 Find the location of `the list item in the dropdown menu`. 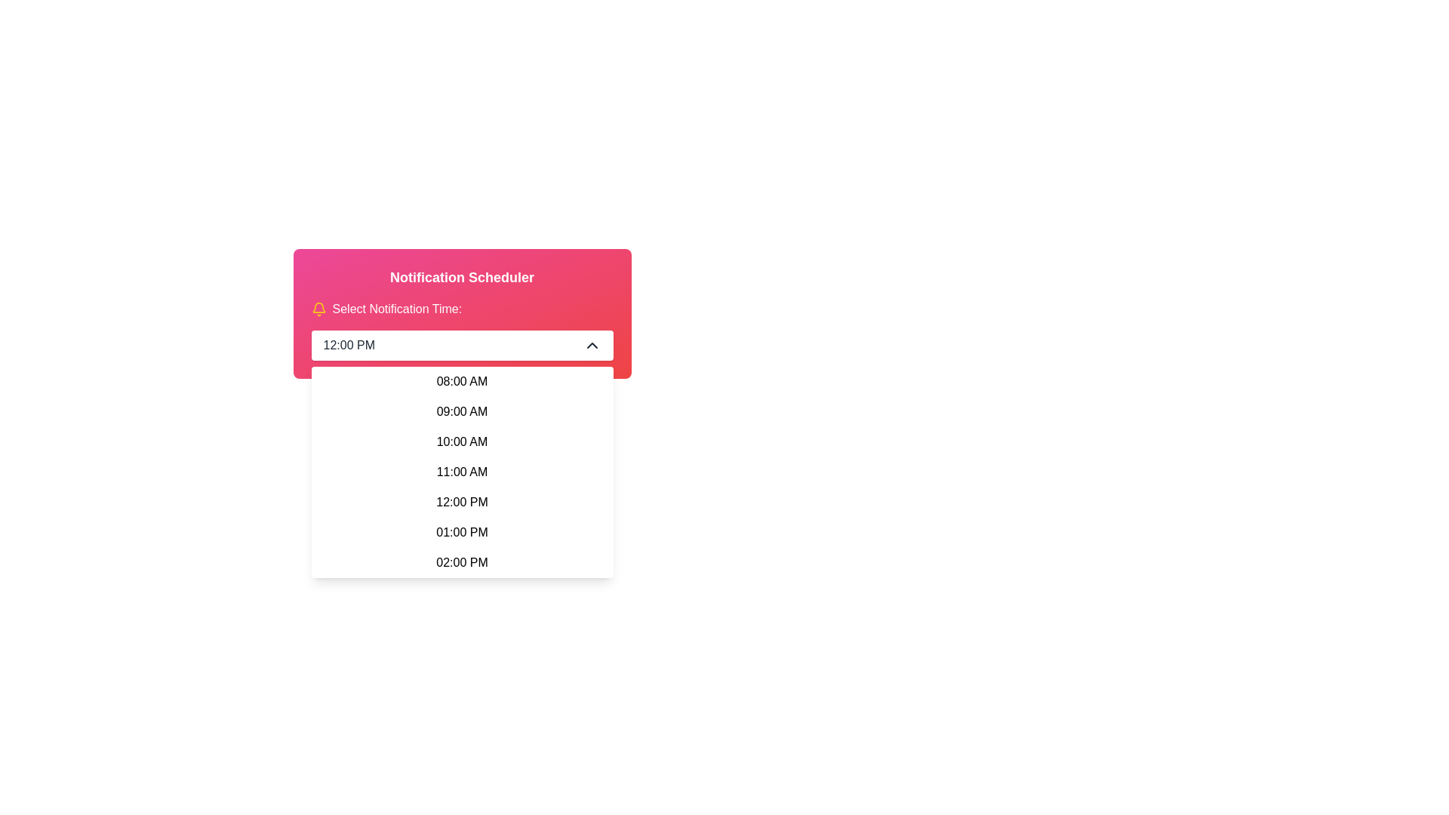

the list item in the dropdown menu is located at coordinates (461, 471).